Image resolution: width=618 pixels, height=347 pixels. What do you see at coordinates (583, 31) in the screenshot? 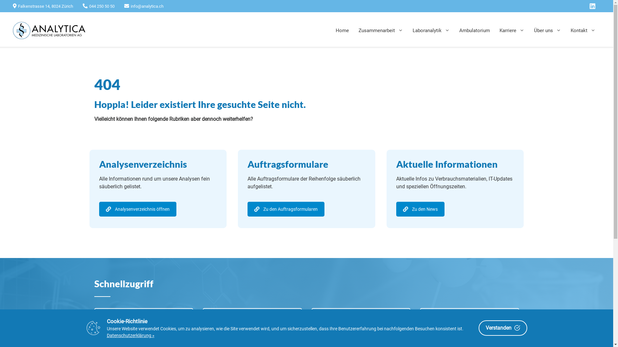
I see `'Kontakt'` at bounding box center [583, 31].